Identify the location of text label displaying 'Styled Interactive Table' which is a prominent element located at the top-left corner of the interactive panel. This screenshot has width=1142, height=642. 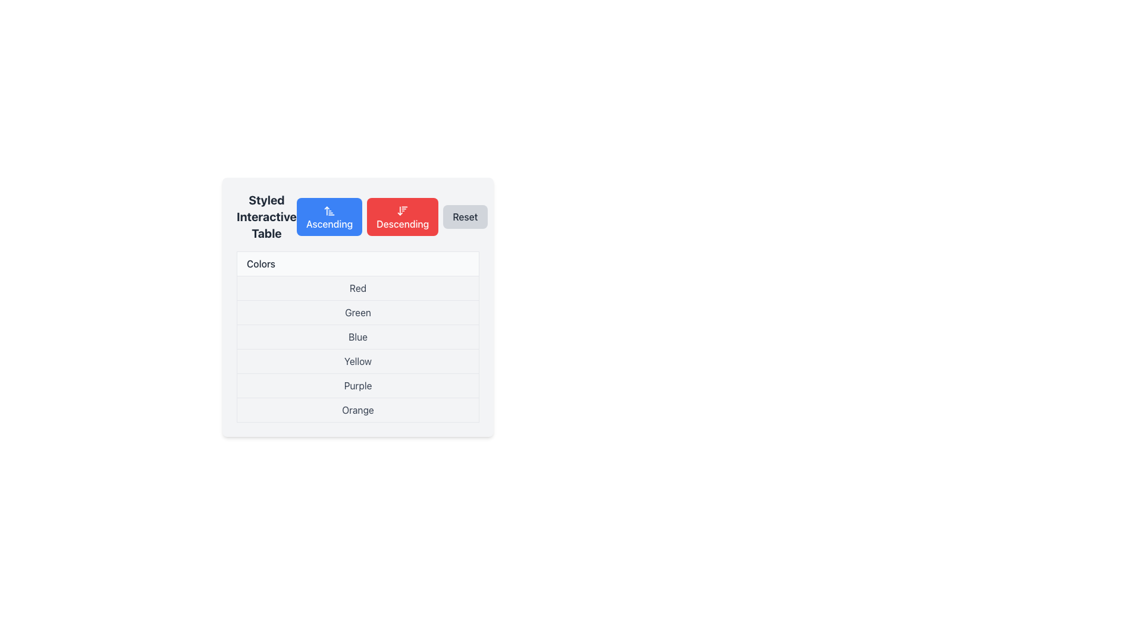
(266, 217).